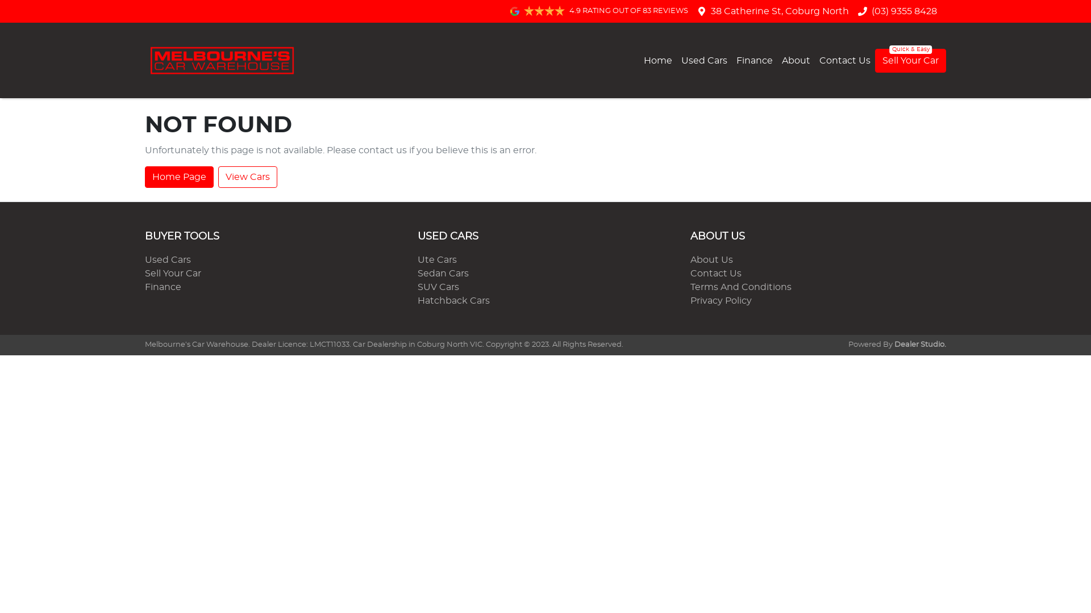 The width and height of the screenshot is (1091, 613). I want to click on 'About Us', so click(711, 260).